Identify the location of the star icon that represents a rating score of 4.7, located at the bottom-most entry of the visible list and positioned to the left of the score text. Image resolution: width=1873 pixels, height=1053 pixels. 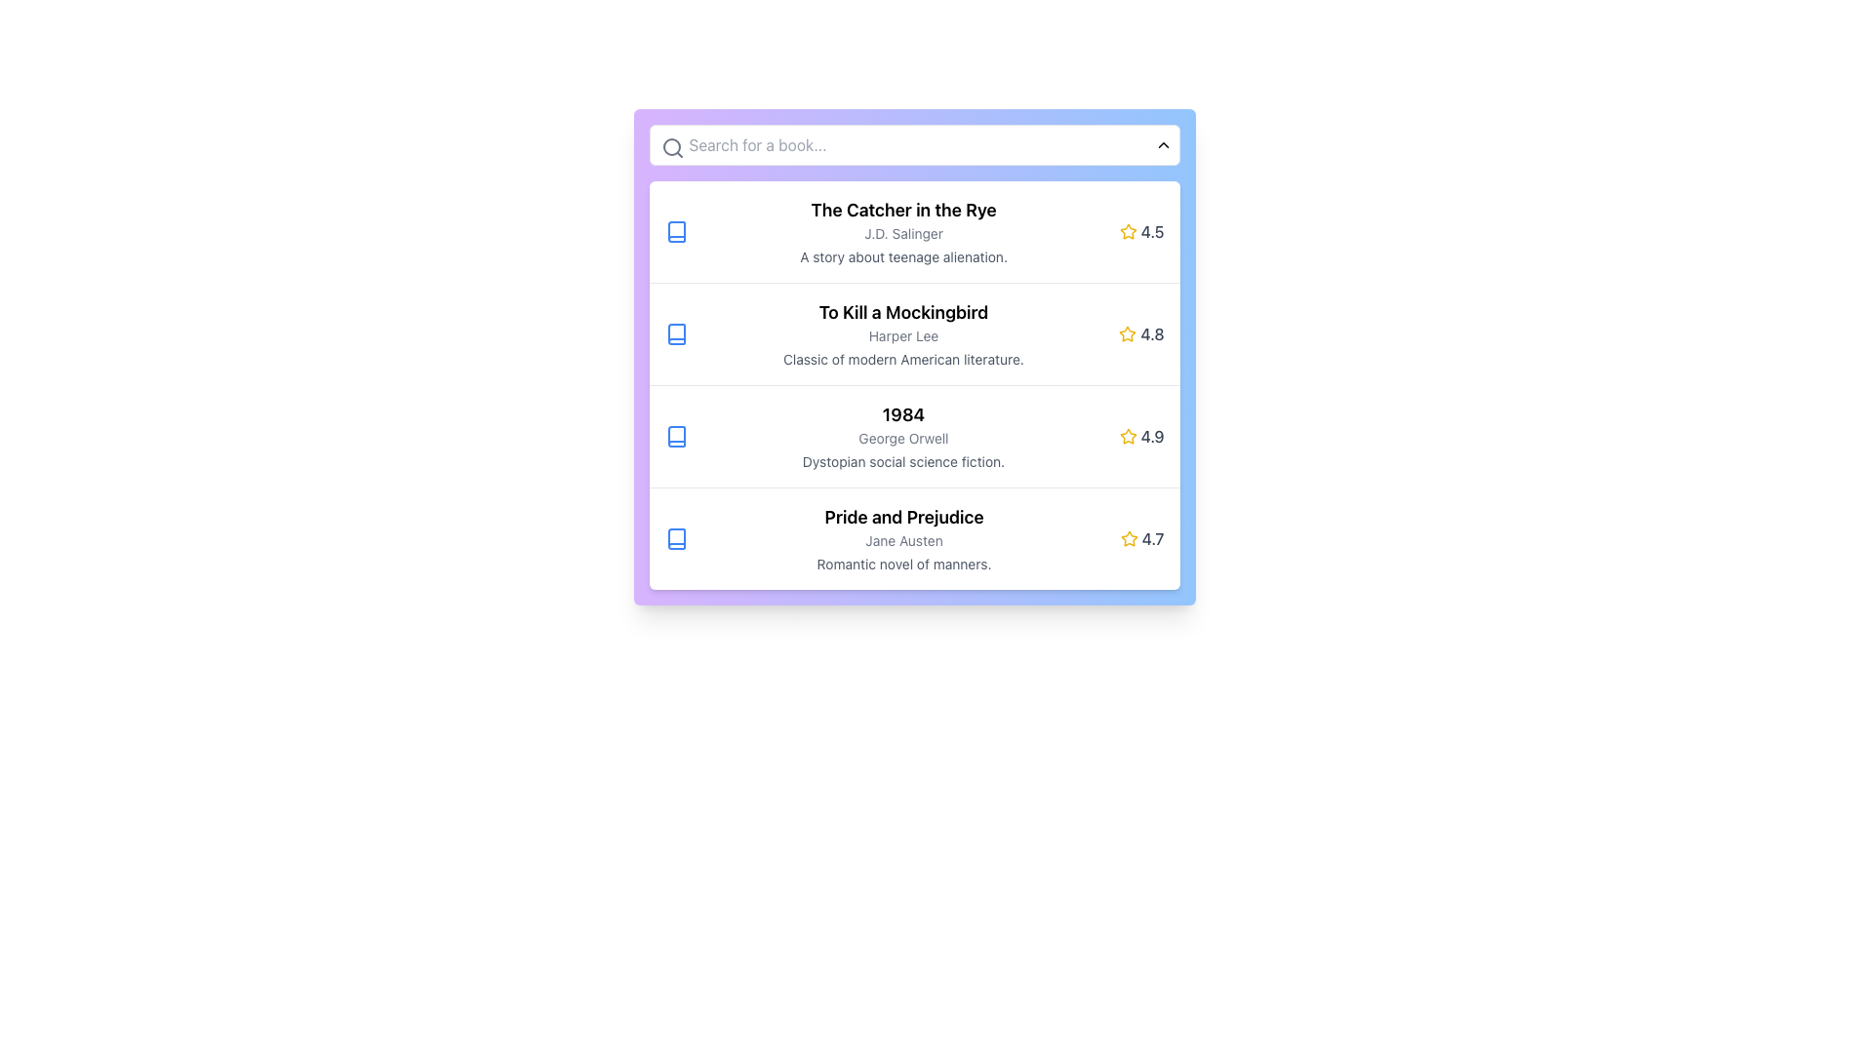
(1129, 538).